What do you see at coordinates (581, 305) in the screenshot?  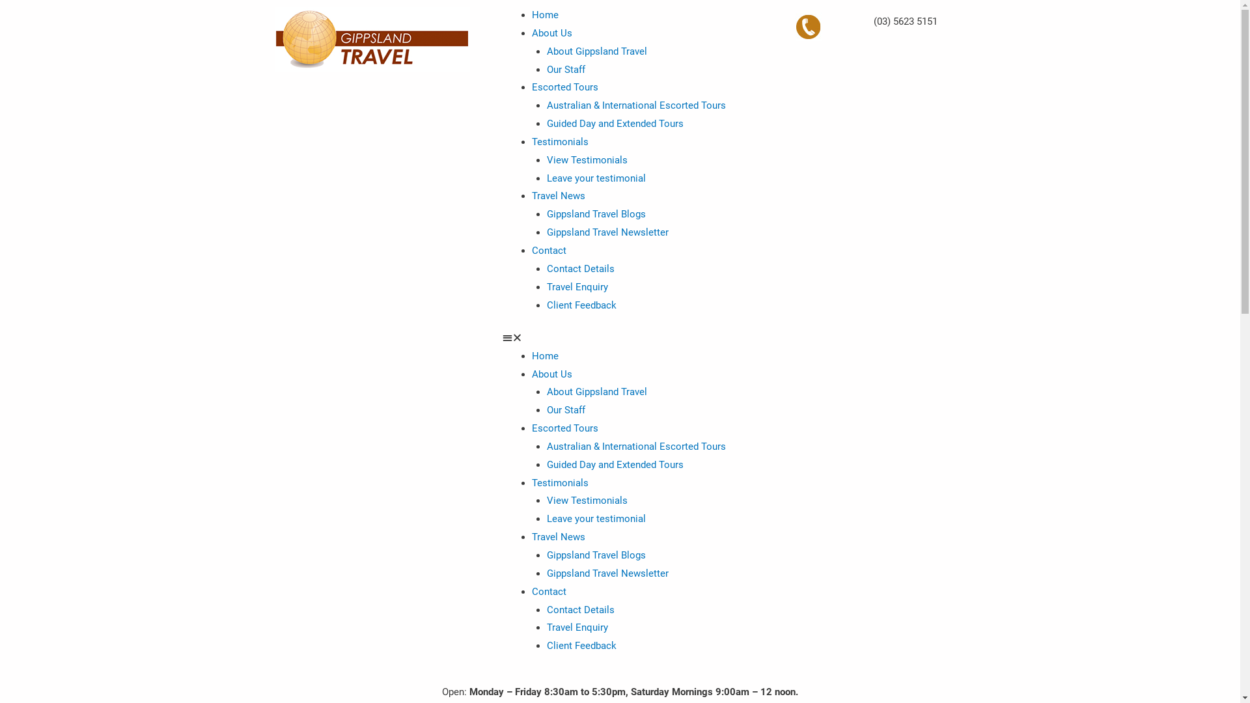 I see `'Client Feedback'` at bounding box center [581, 305].